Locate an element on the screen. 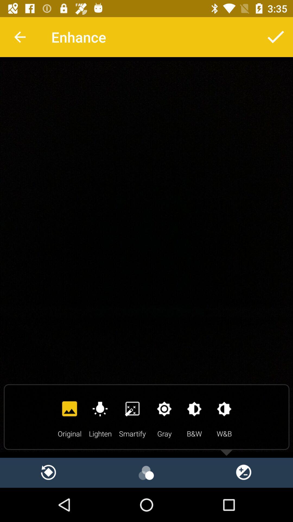 This screenshot has height=522, width=293. refresh is located at coordinates (49, 472).